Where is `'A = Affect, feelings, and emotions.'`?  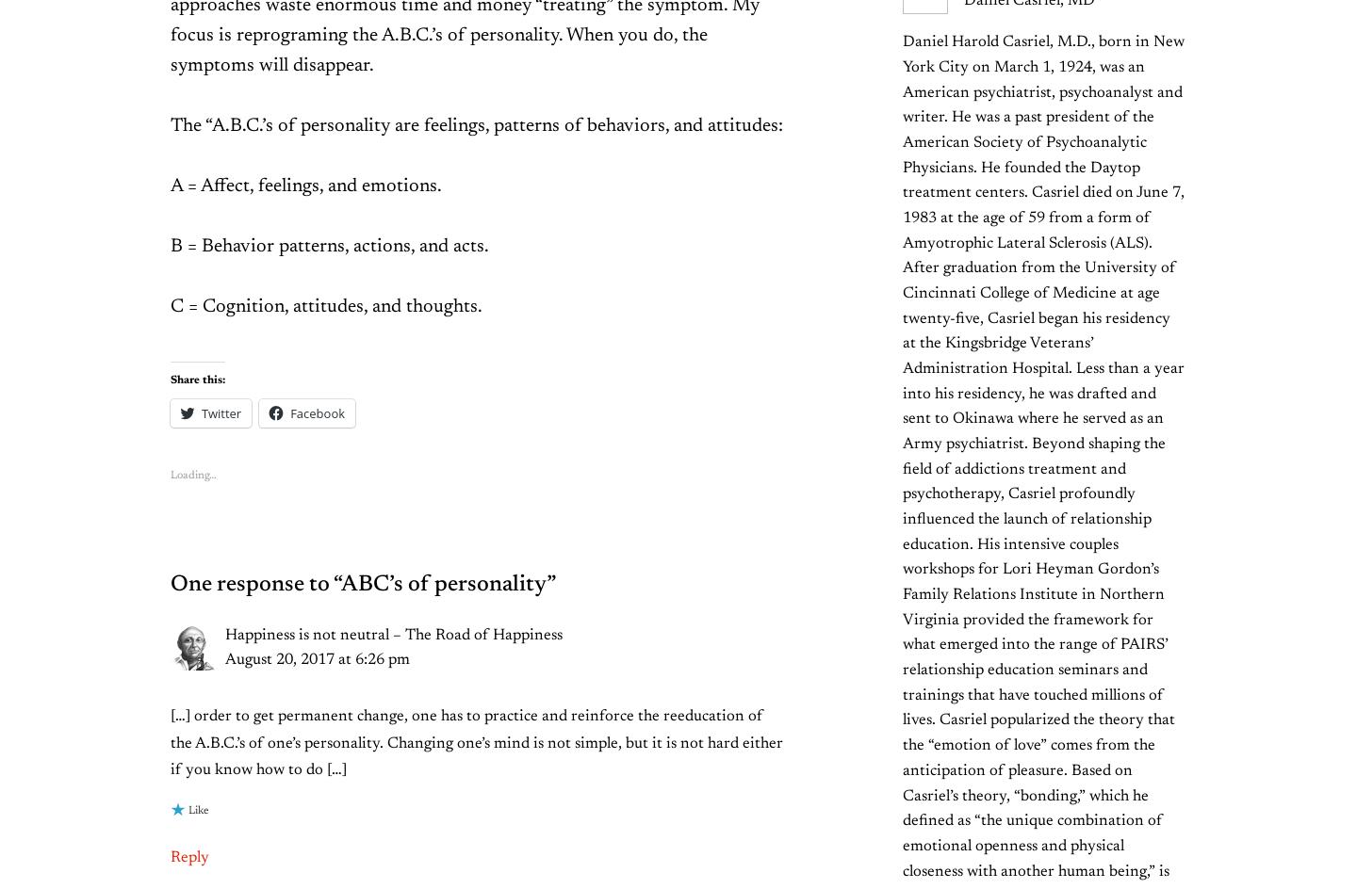
'A = Affect, feelings, and emotions.' is located at coordinates (306, 185).